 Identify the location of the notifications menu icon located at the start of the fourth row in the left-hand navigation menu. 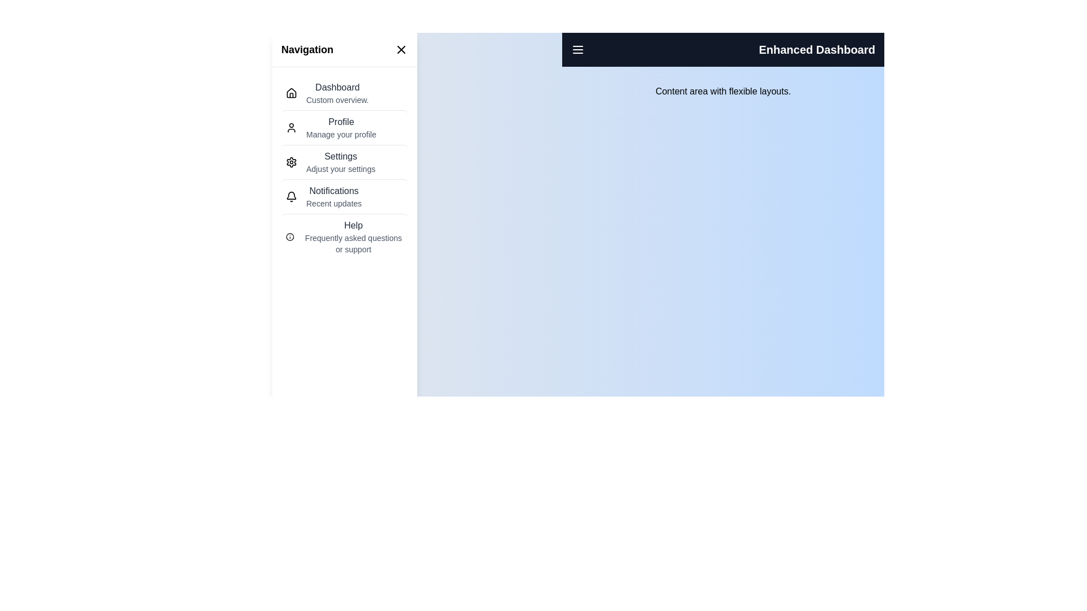
(291, 196).